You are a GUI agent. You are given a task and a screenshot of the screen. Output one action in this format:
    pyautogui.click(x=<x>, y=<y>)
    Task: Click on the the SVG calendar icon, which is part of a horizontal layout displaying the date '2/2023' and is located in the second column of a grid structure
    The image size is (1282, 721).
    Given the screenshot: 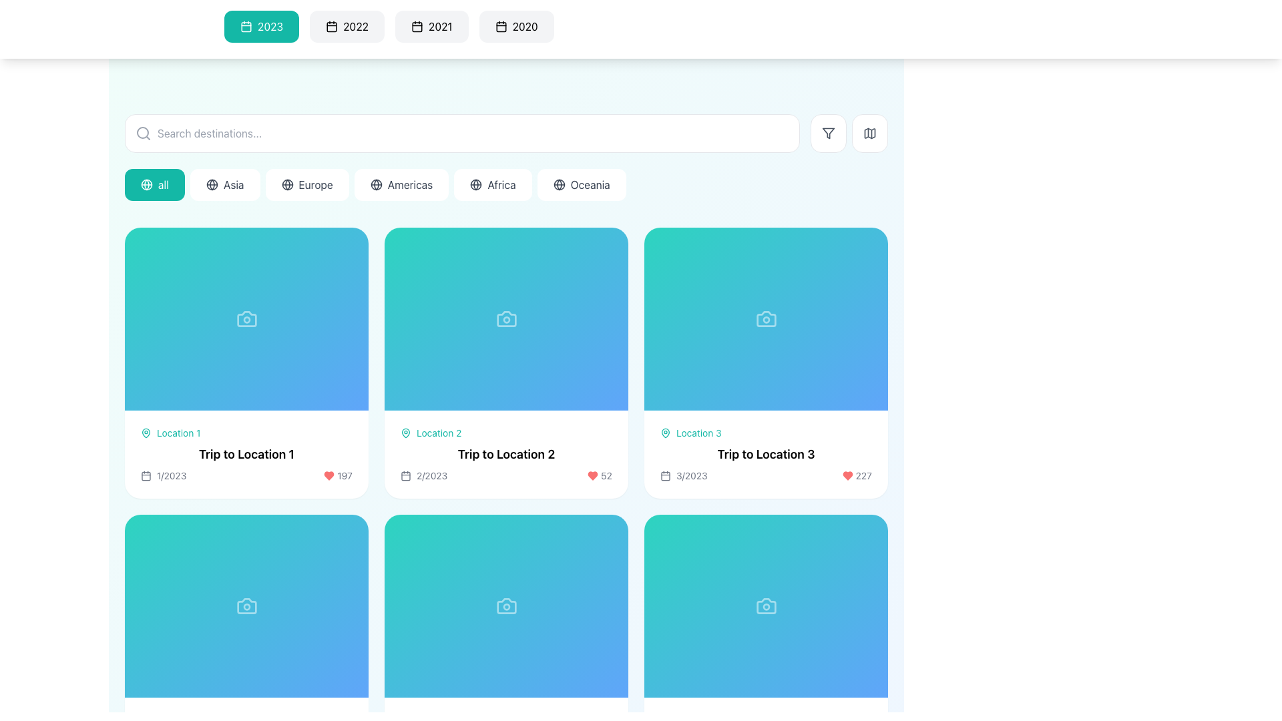 What is the action you would take?
    pyautogui.click(x=405, y=475)
    